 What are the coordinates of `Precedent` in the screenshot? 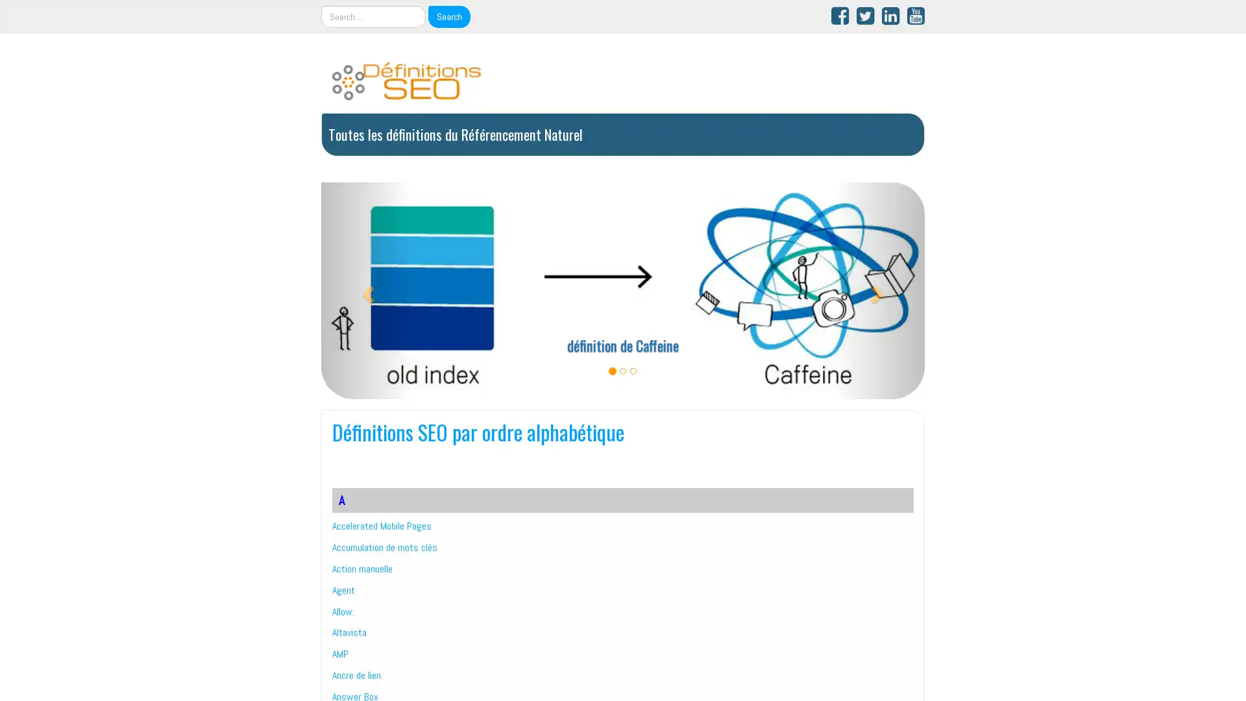 It's located at (365, 289).